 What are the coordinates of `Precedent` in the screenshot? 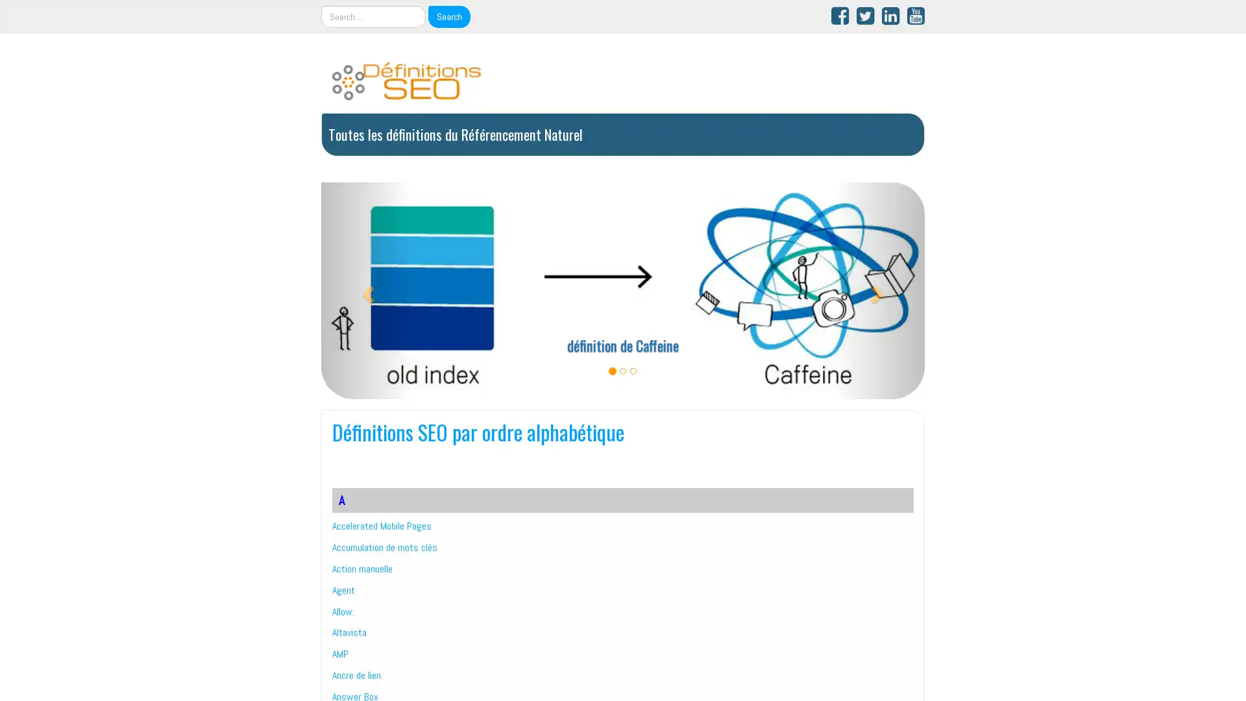 It's located at (365, 289).